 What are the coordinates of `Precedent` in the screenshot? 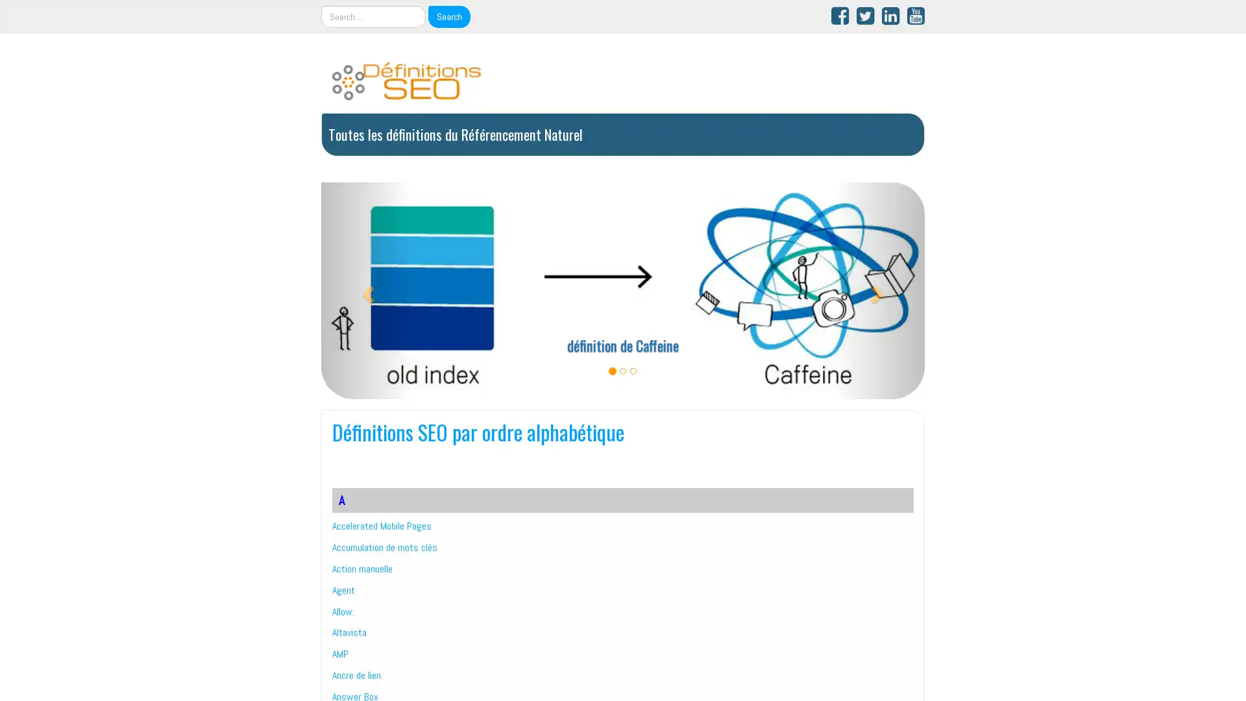 It's located at (365, 289).